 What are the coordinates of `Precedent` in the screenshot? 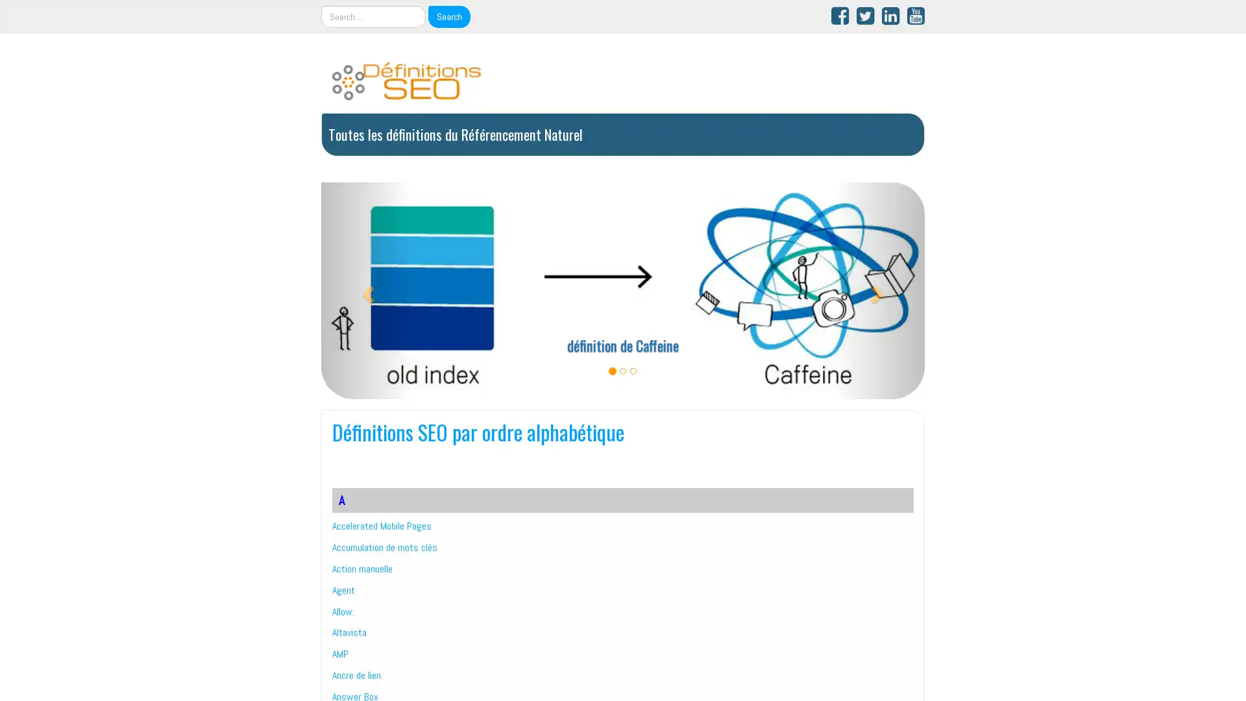 It's located at (365, 289).